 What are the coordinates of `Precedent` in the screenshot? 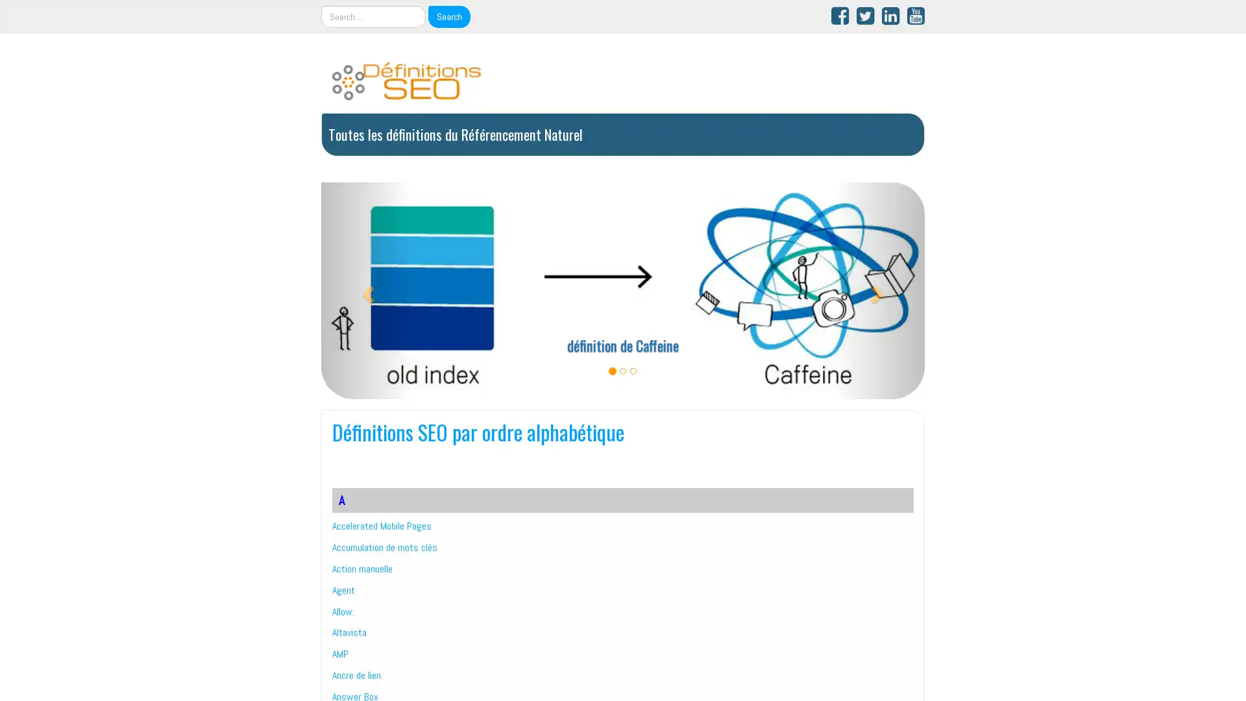 It's located at (365, 289).